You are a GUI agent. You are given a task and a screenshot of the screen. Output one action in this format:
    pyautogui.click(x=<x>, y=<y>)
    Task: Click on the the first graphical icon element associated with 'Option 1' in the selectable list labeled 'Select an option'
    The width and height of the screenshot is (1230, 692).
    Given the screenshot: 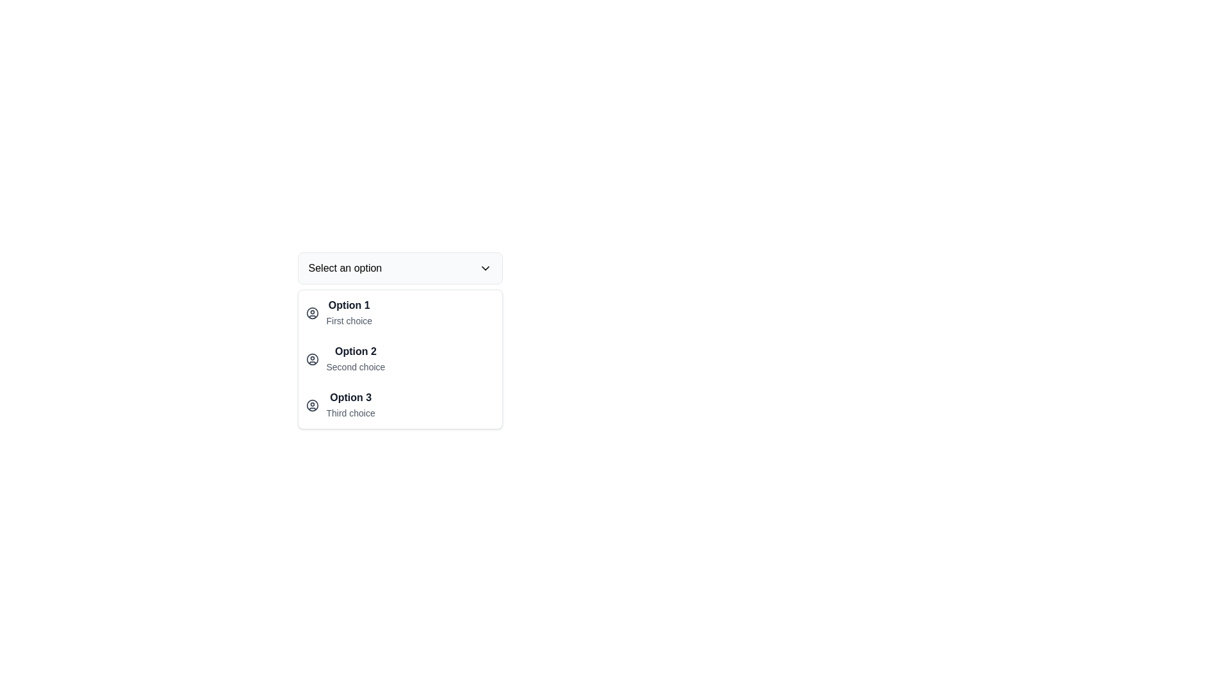 What is the action you would take?
    pyautogui.click(x=312, y=313)
    